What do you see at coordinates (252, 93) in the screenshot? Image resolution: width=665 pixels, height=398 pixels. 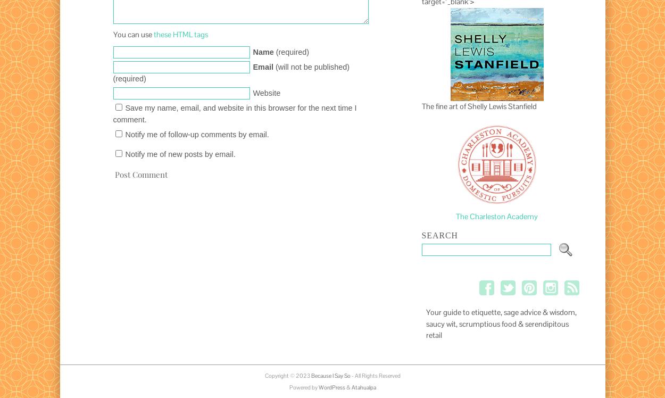 I see `'Website'` at bounding box center [252, 93].